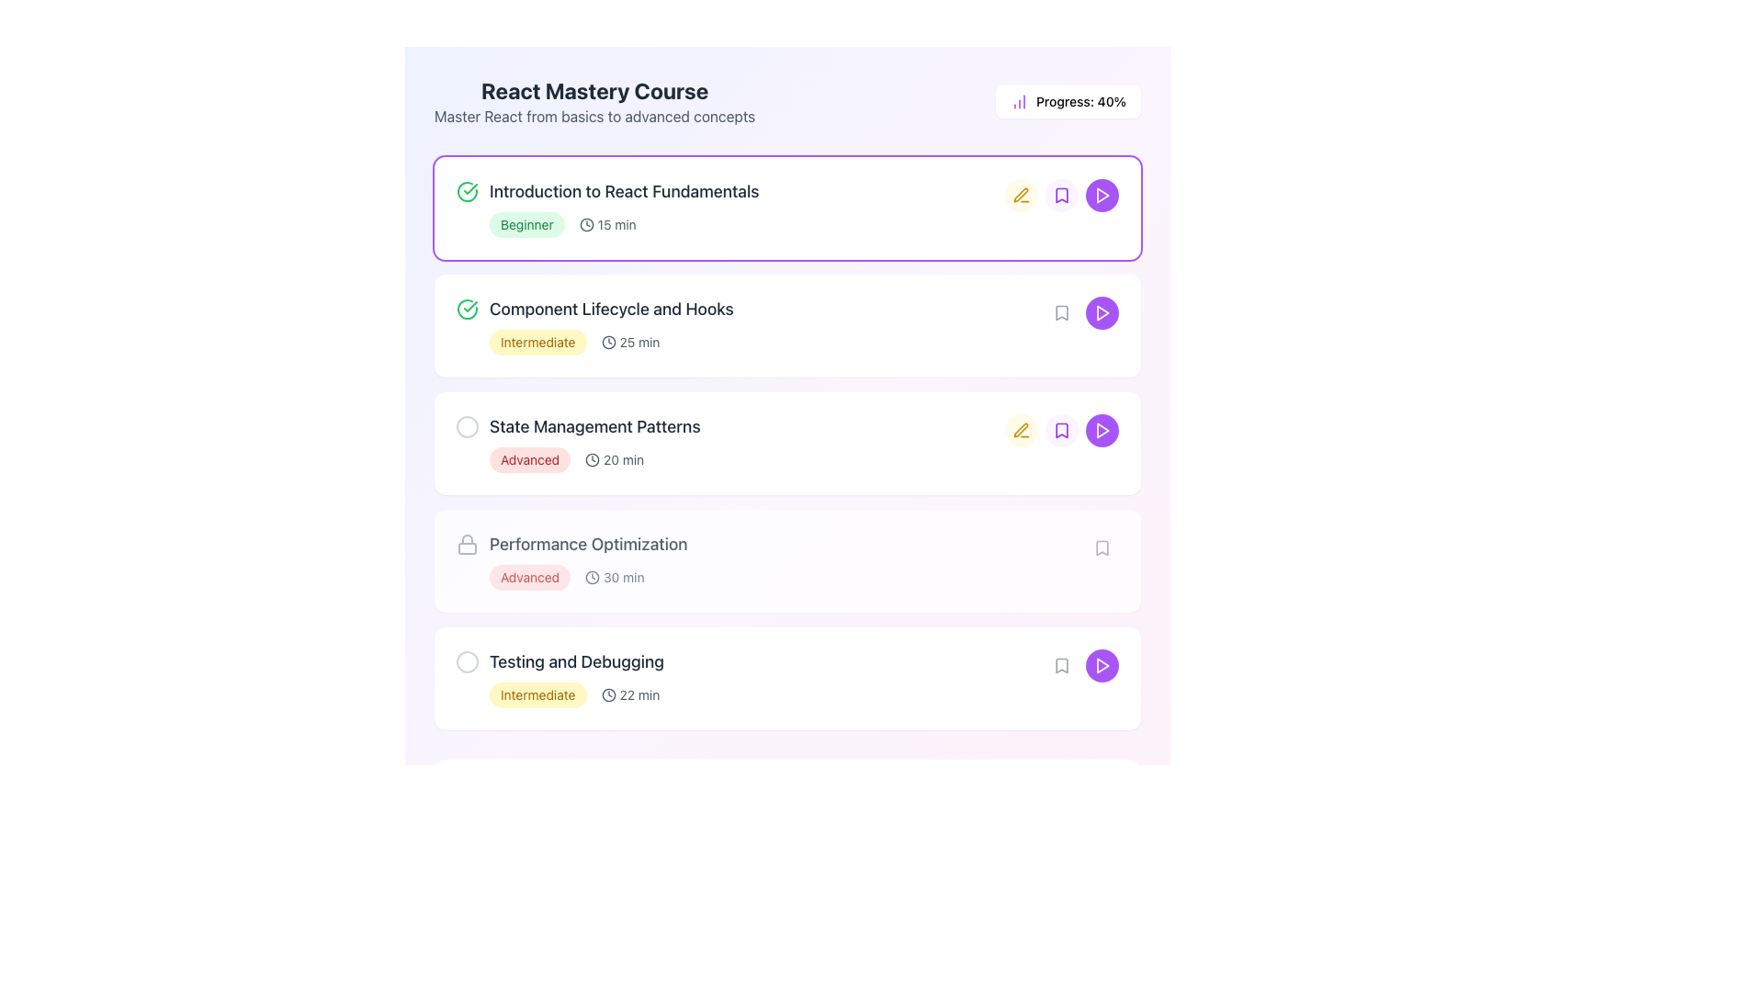  What do you see at coordinates (787, 443) in the screenshot?
I see `the third card element in the vertical list of educational resource cards` at bounding box center [787, 443].